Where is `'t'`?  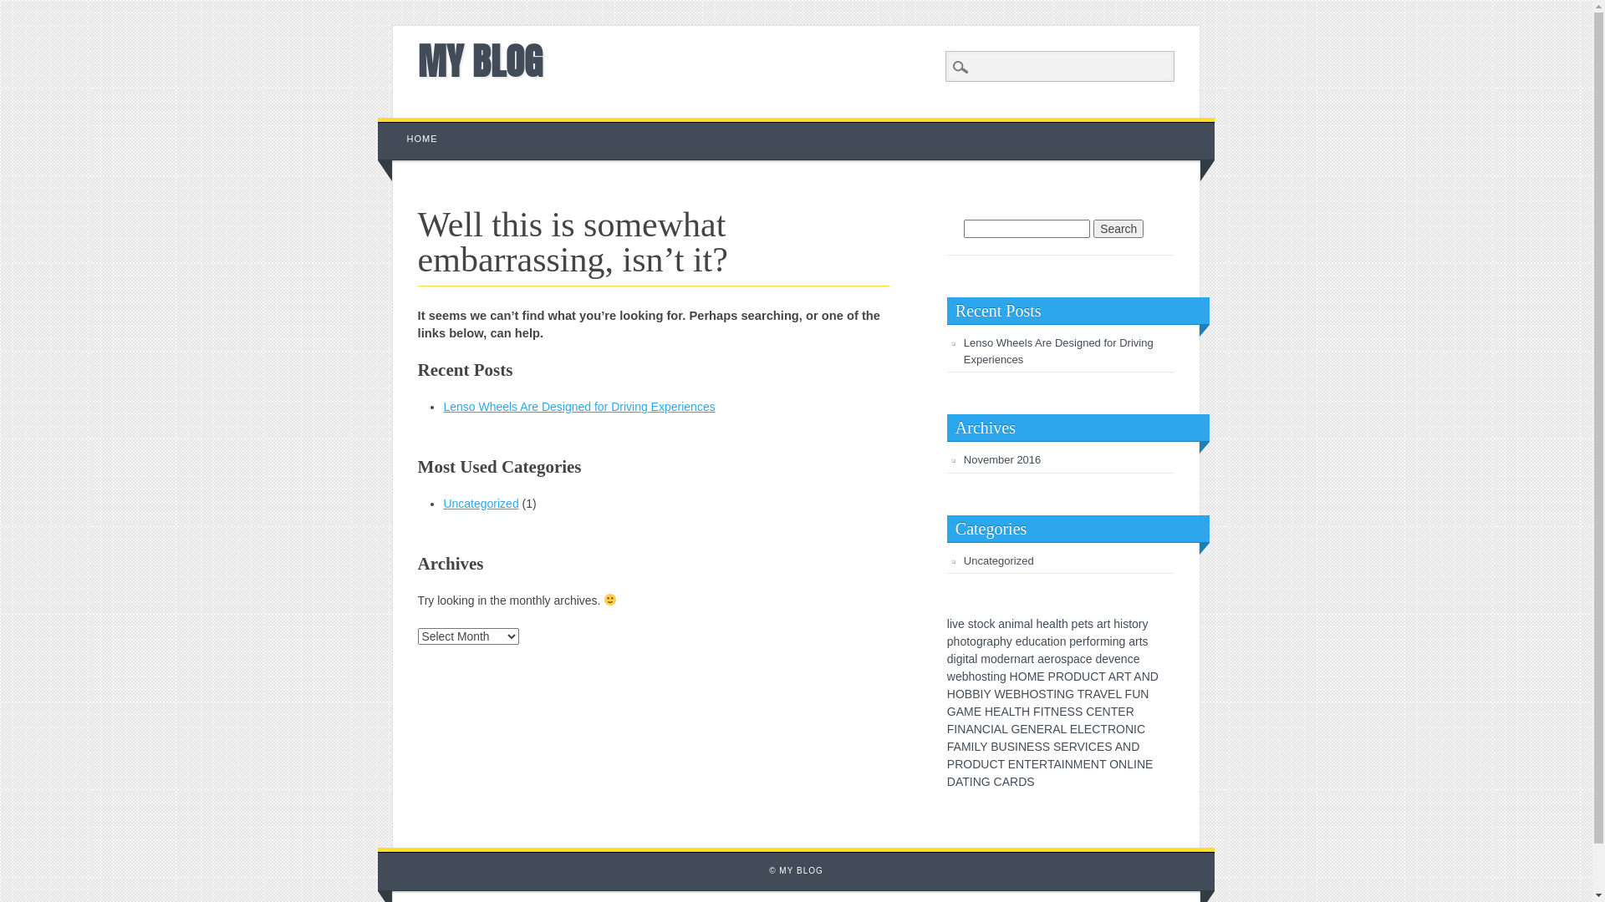
't' is located at coordinates (1086, 624).